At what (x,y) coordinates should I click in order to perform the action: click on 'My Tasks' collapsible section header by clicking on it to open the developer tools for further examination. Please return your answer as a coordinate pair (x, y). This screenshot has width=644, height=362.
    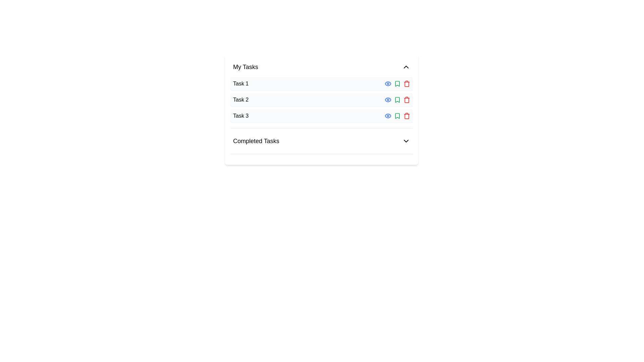
    Looking at the image, I should click on (321, 67).